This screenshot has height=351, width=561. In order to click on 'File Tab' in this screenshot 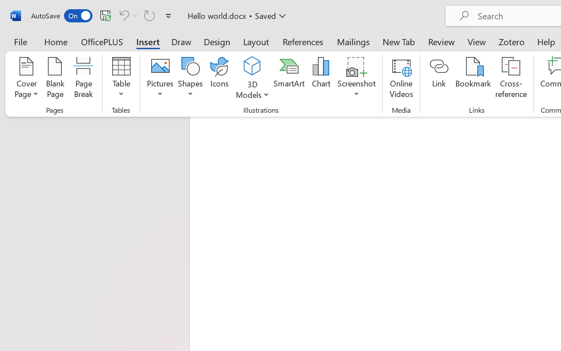, I will do `click(20, 41)`.